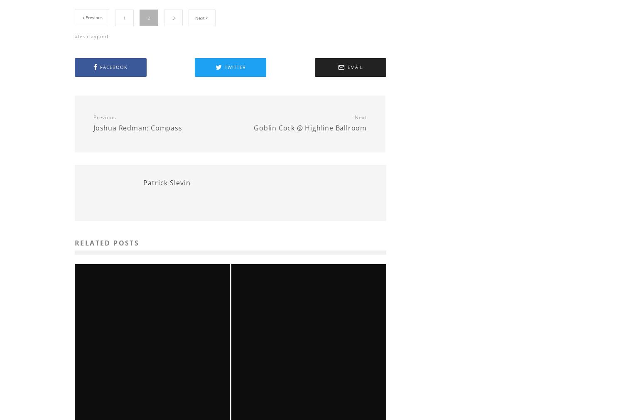 The width and height of the screenshot is (623, 420). I want to click on 'Goblin Cock @ Highline Ballroom', so click(310, 128).